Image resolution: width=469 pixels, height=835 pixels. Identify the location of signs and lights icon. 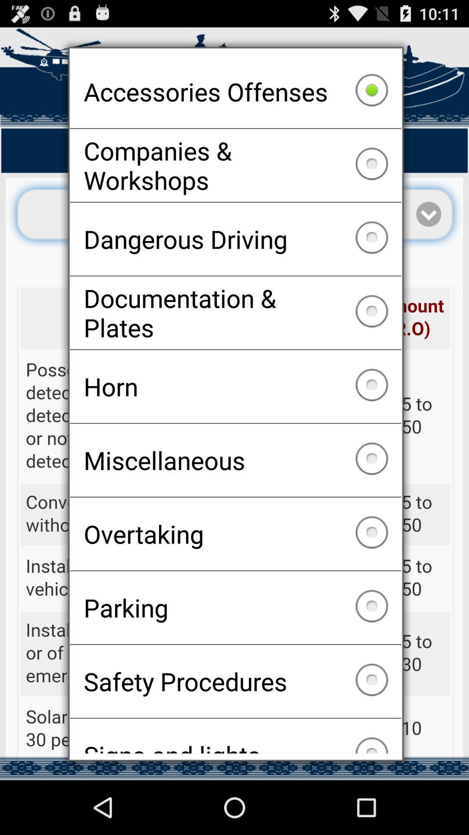
(235, 735).